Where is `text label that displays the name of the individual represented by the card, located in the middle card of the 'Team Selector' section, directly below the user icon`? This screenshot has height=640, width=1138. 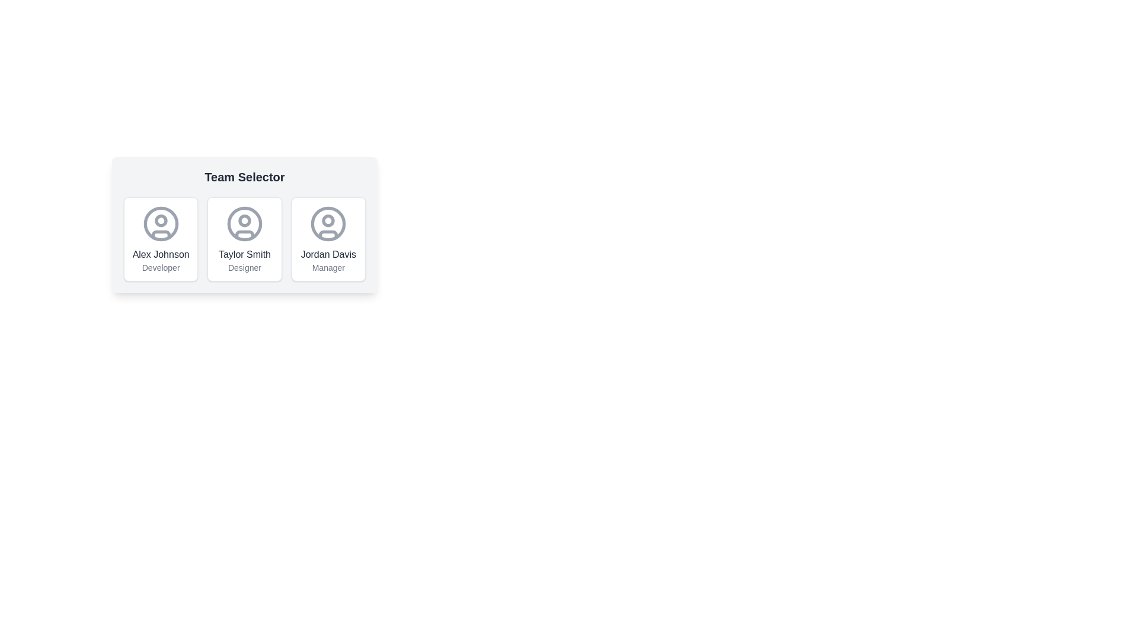
text label that displays the name of the individual represented by the card, located in the middle card of the 'Team Selector' section, directly below the user icon is located at coordinates (244, 254).